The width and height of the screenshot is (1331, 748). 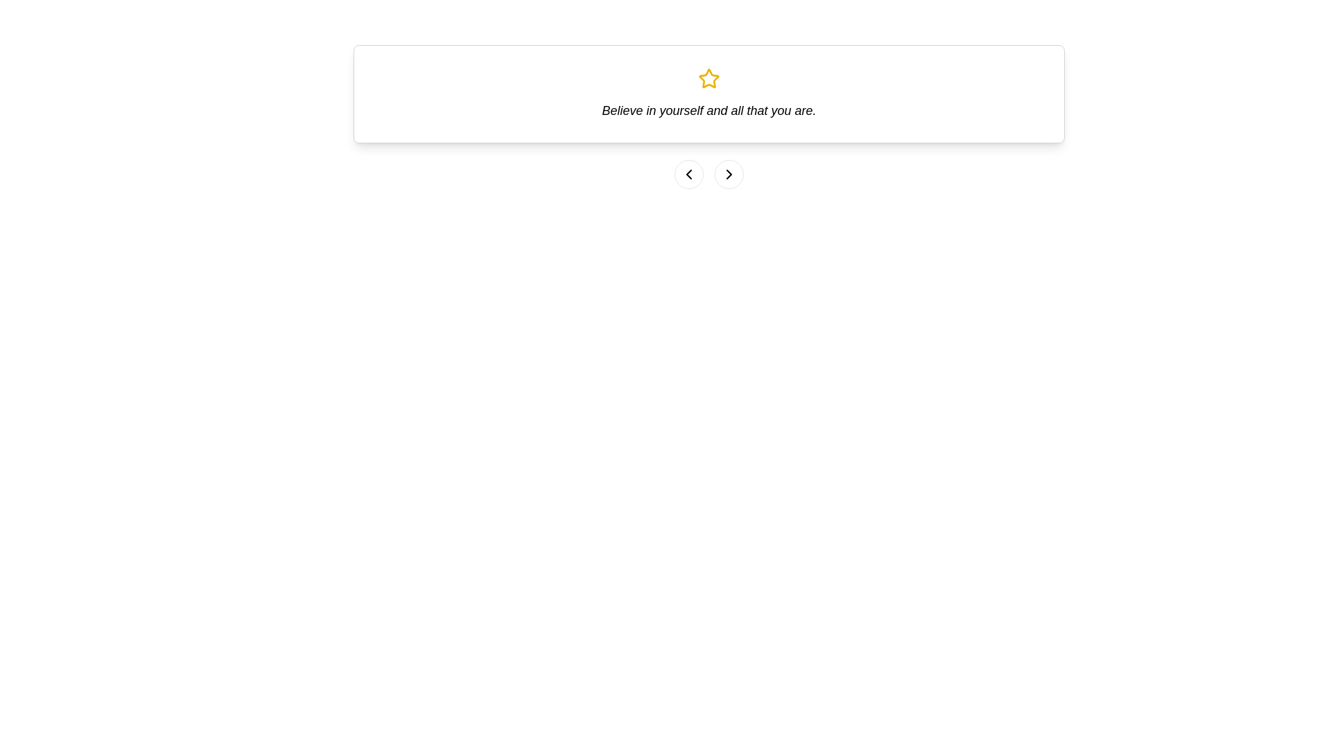 What do you see at coordinates (688, 173) in the screenshot?
I see `the left circular icon button` at bounding box center [688, 173].